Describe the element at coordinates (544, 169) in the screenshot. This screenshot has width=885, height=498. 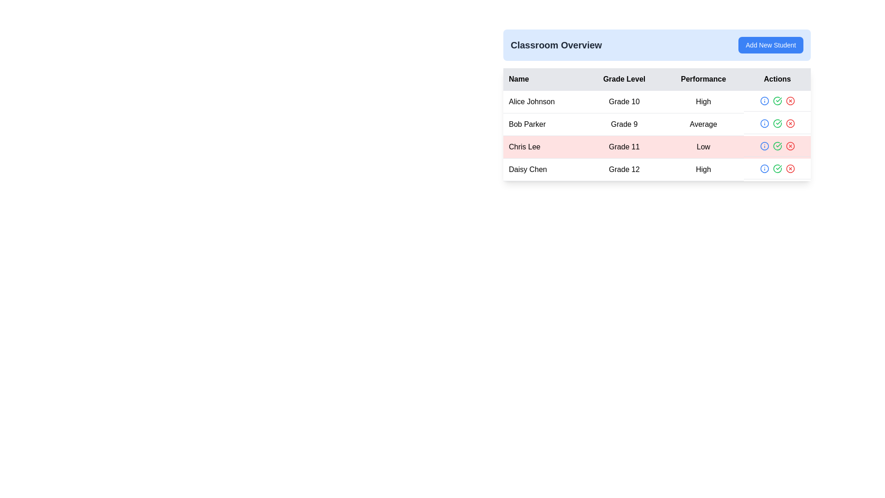
I see `the static text element displaying 'Daisy Chen' located in the fourth row under the 'Name' column of a table` at that location.